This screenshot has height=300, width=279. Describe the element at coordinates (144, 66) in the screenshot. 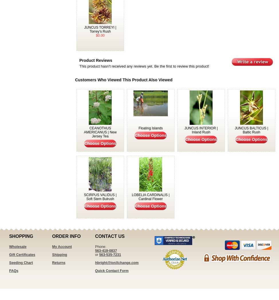

I see `'This product hasn't received any reviews yet. Be the first to review this product!'` at that location.